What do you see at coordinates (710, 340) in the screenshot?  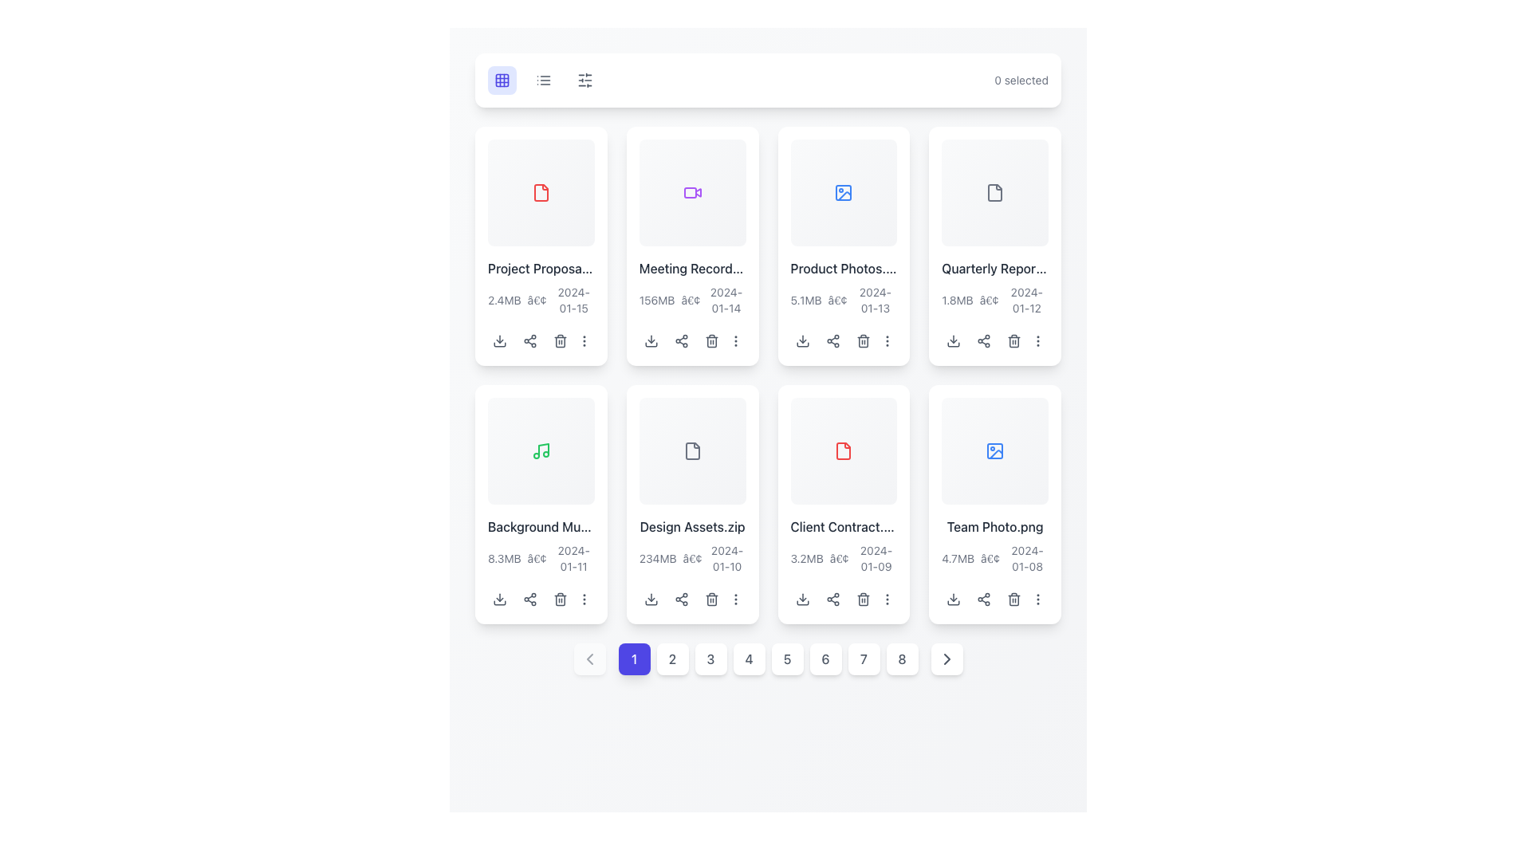 I see `the trash icon button located at the bottom section of the second file card in the first row` at bounding box center [710, 340].